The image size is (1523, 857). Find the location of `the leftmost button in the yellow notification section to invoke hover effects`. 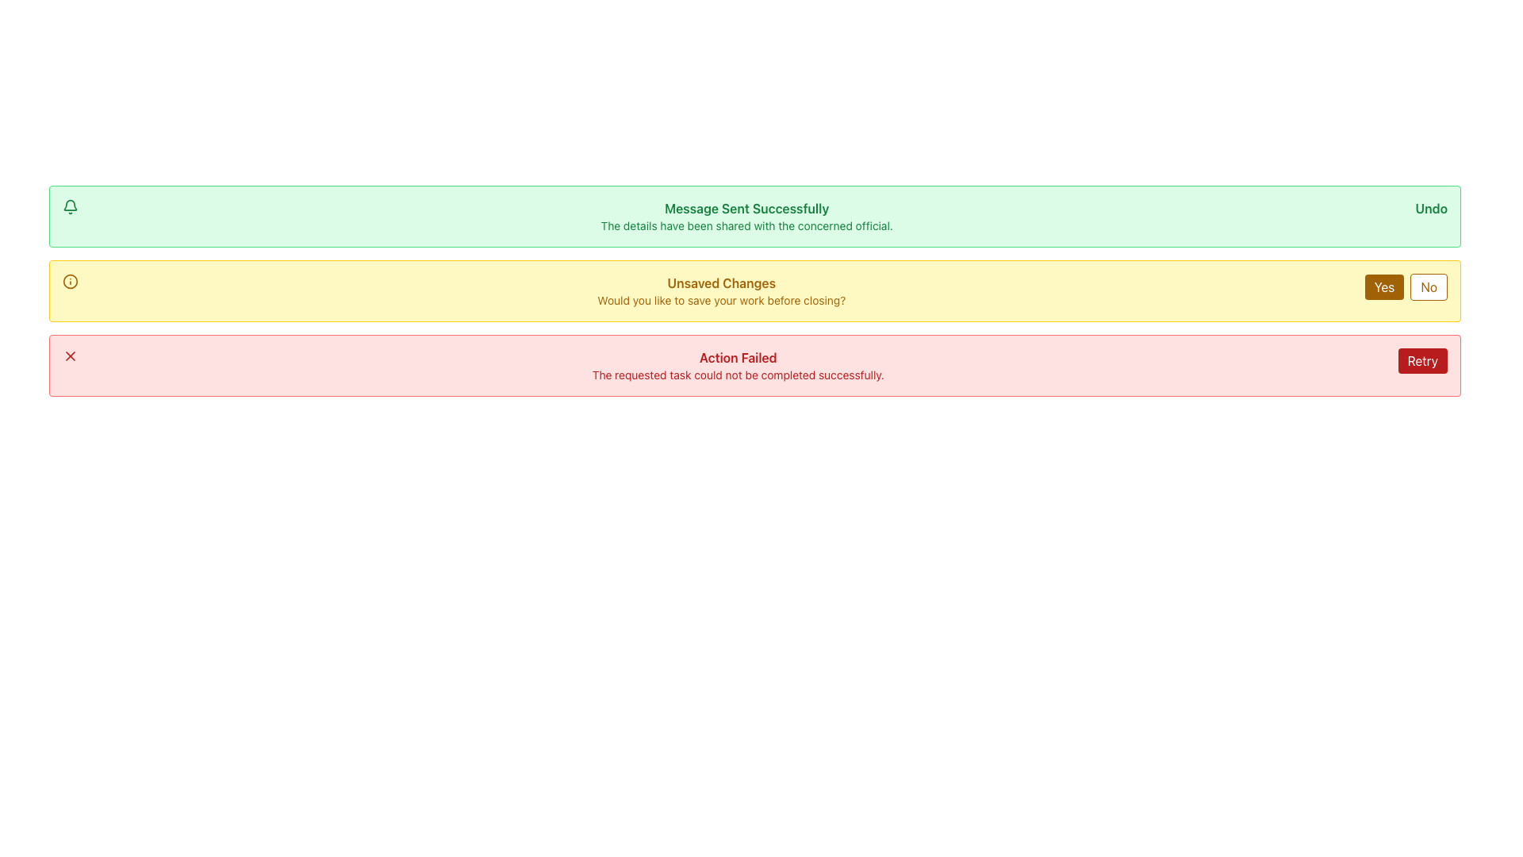

the leftmost button in the yellow notification section to invoke hover effects is located at coordinates (1383, 287).